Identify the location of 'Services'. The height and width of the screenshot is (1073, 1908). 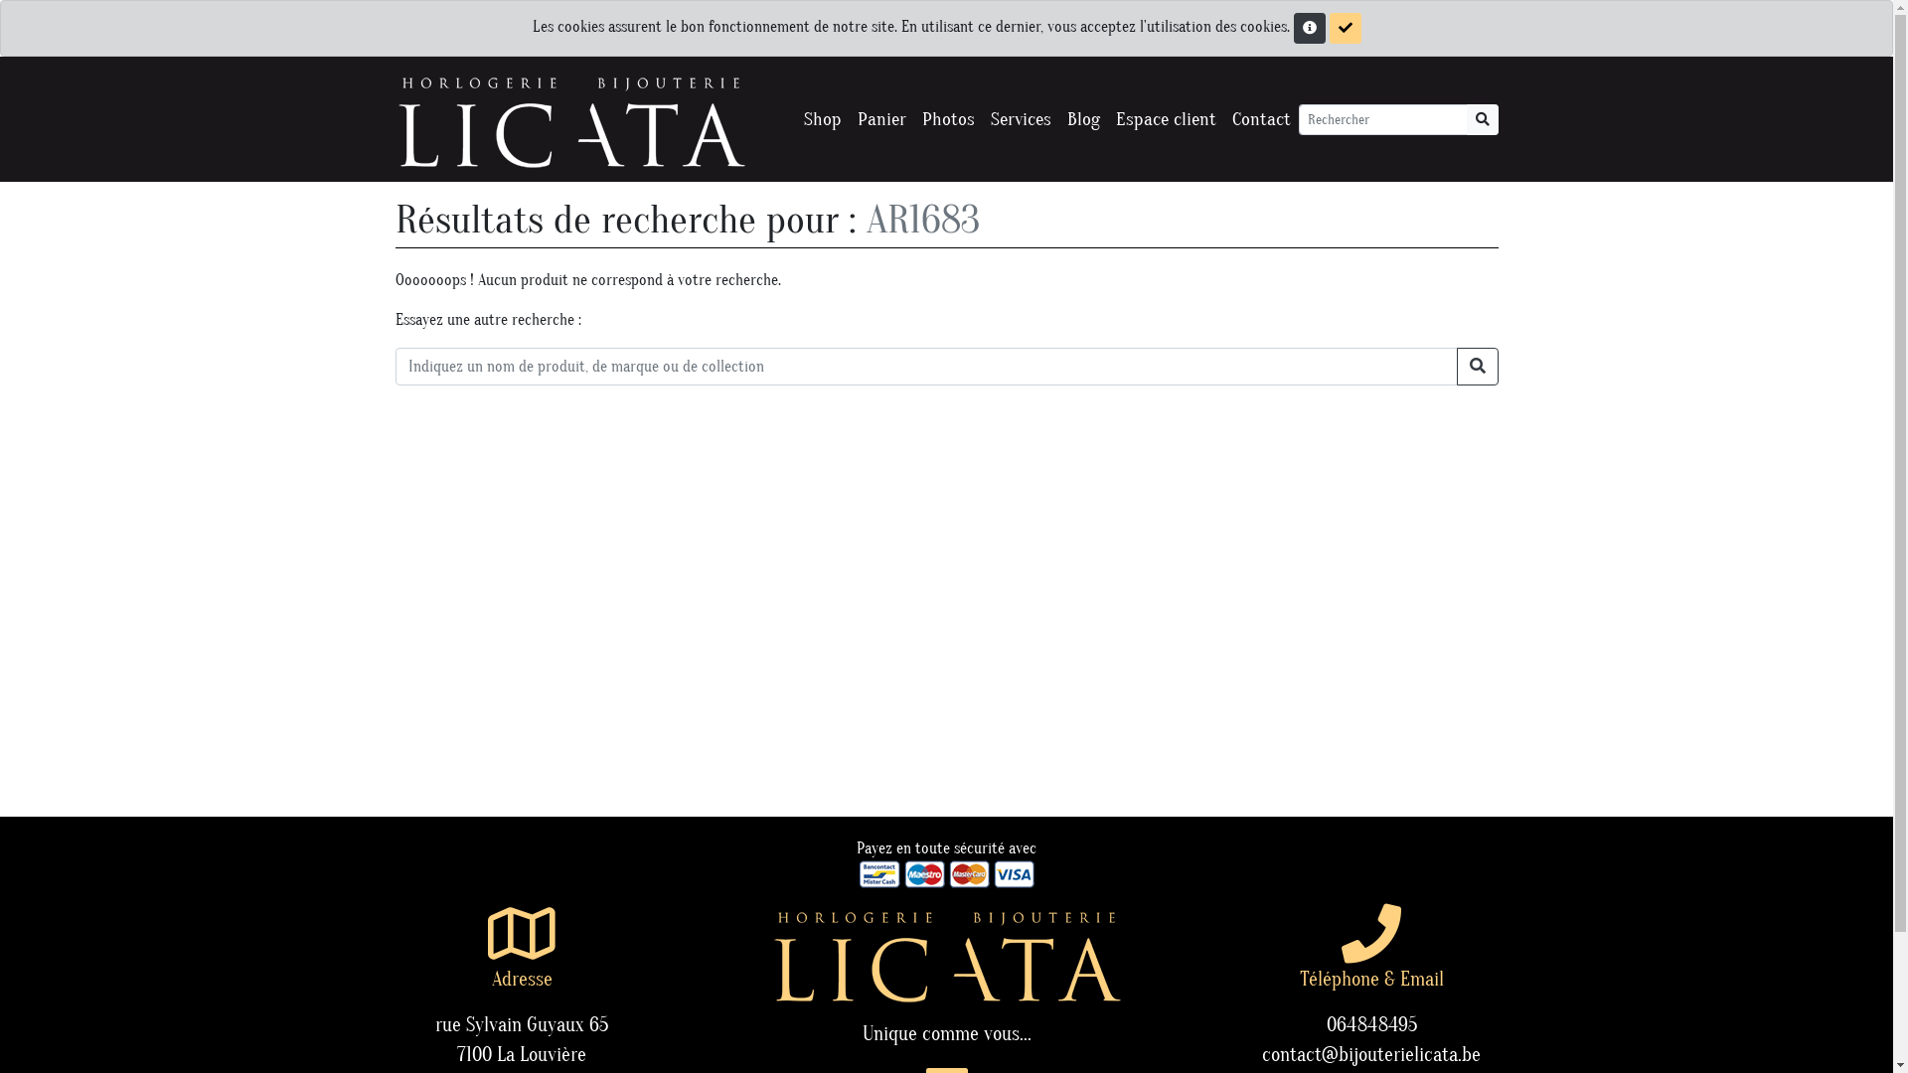
(1020, 119).